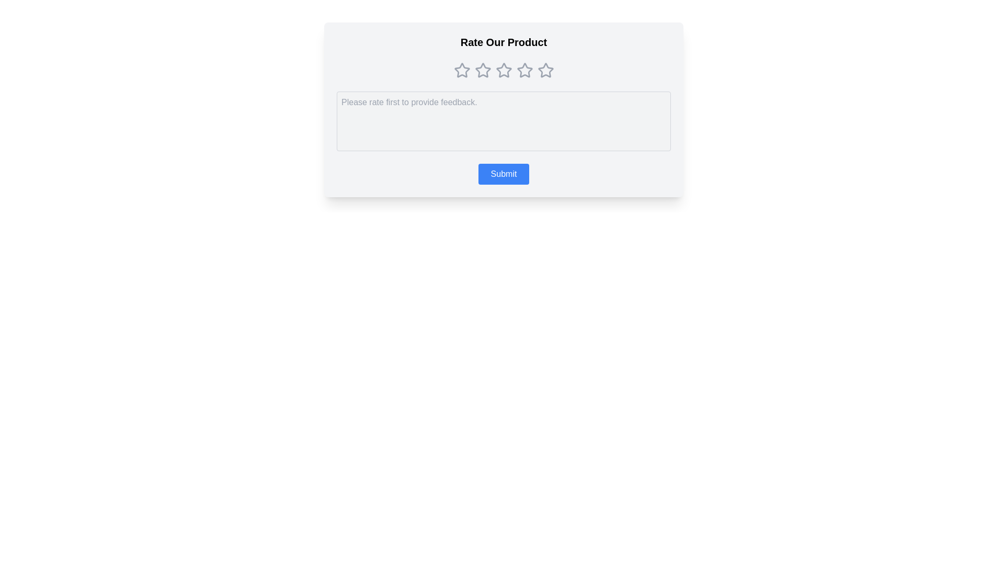  I want to click on the first star icon used for rating purposes located under the title 'Rate Our Product', so click(461, 70).